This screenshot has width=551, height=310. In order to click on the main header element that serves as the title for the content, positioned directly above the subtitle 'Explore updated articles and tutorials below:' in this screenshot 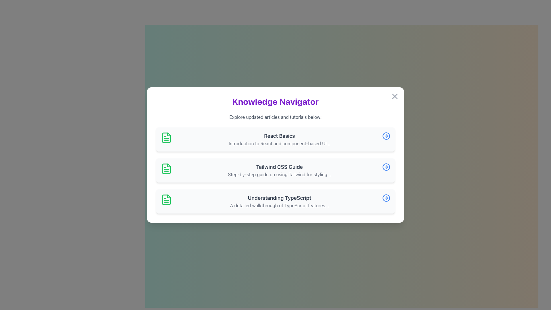, I will do `click(275, 101)`.